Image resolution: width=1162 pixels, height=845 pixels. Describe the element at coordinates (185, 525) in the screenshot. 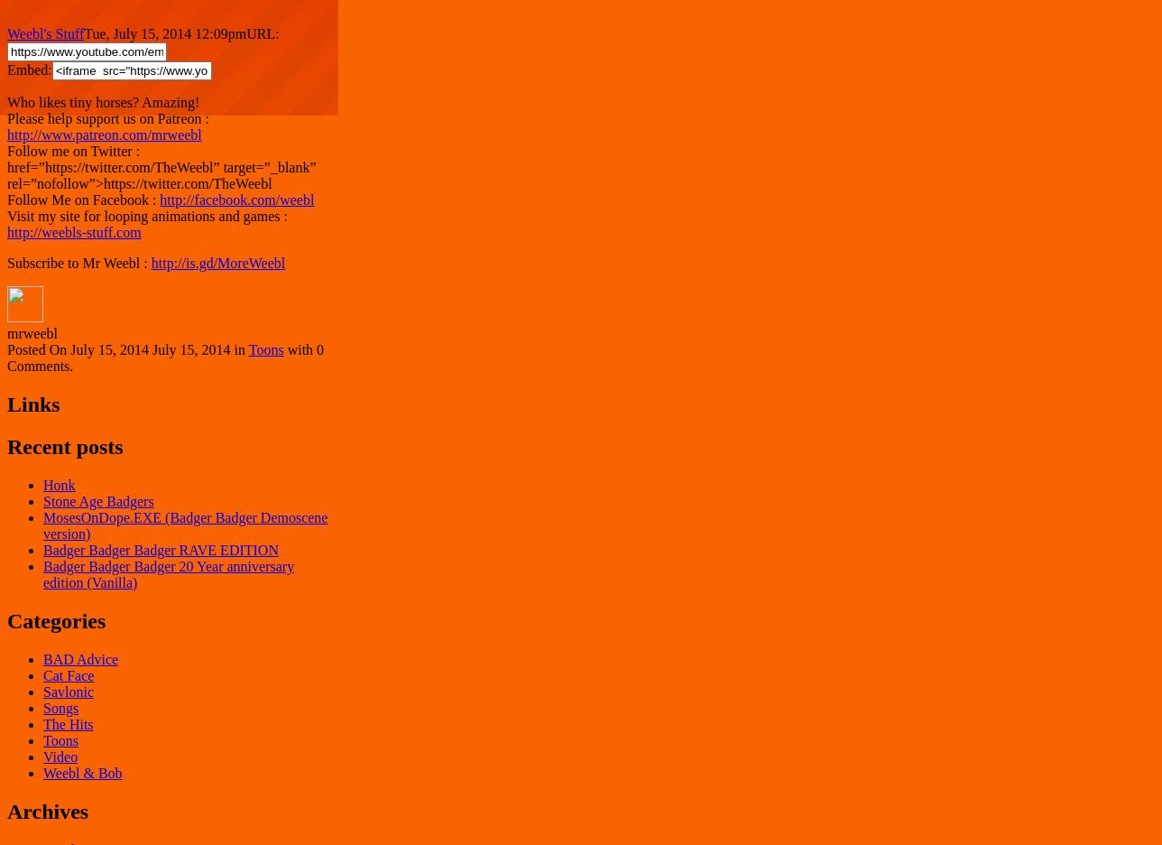

I see `'MosesOnDope.EXE (Badger Badger Demoscene version)'` at that location.